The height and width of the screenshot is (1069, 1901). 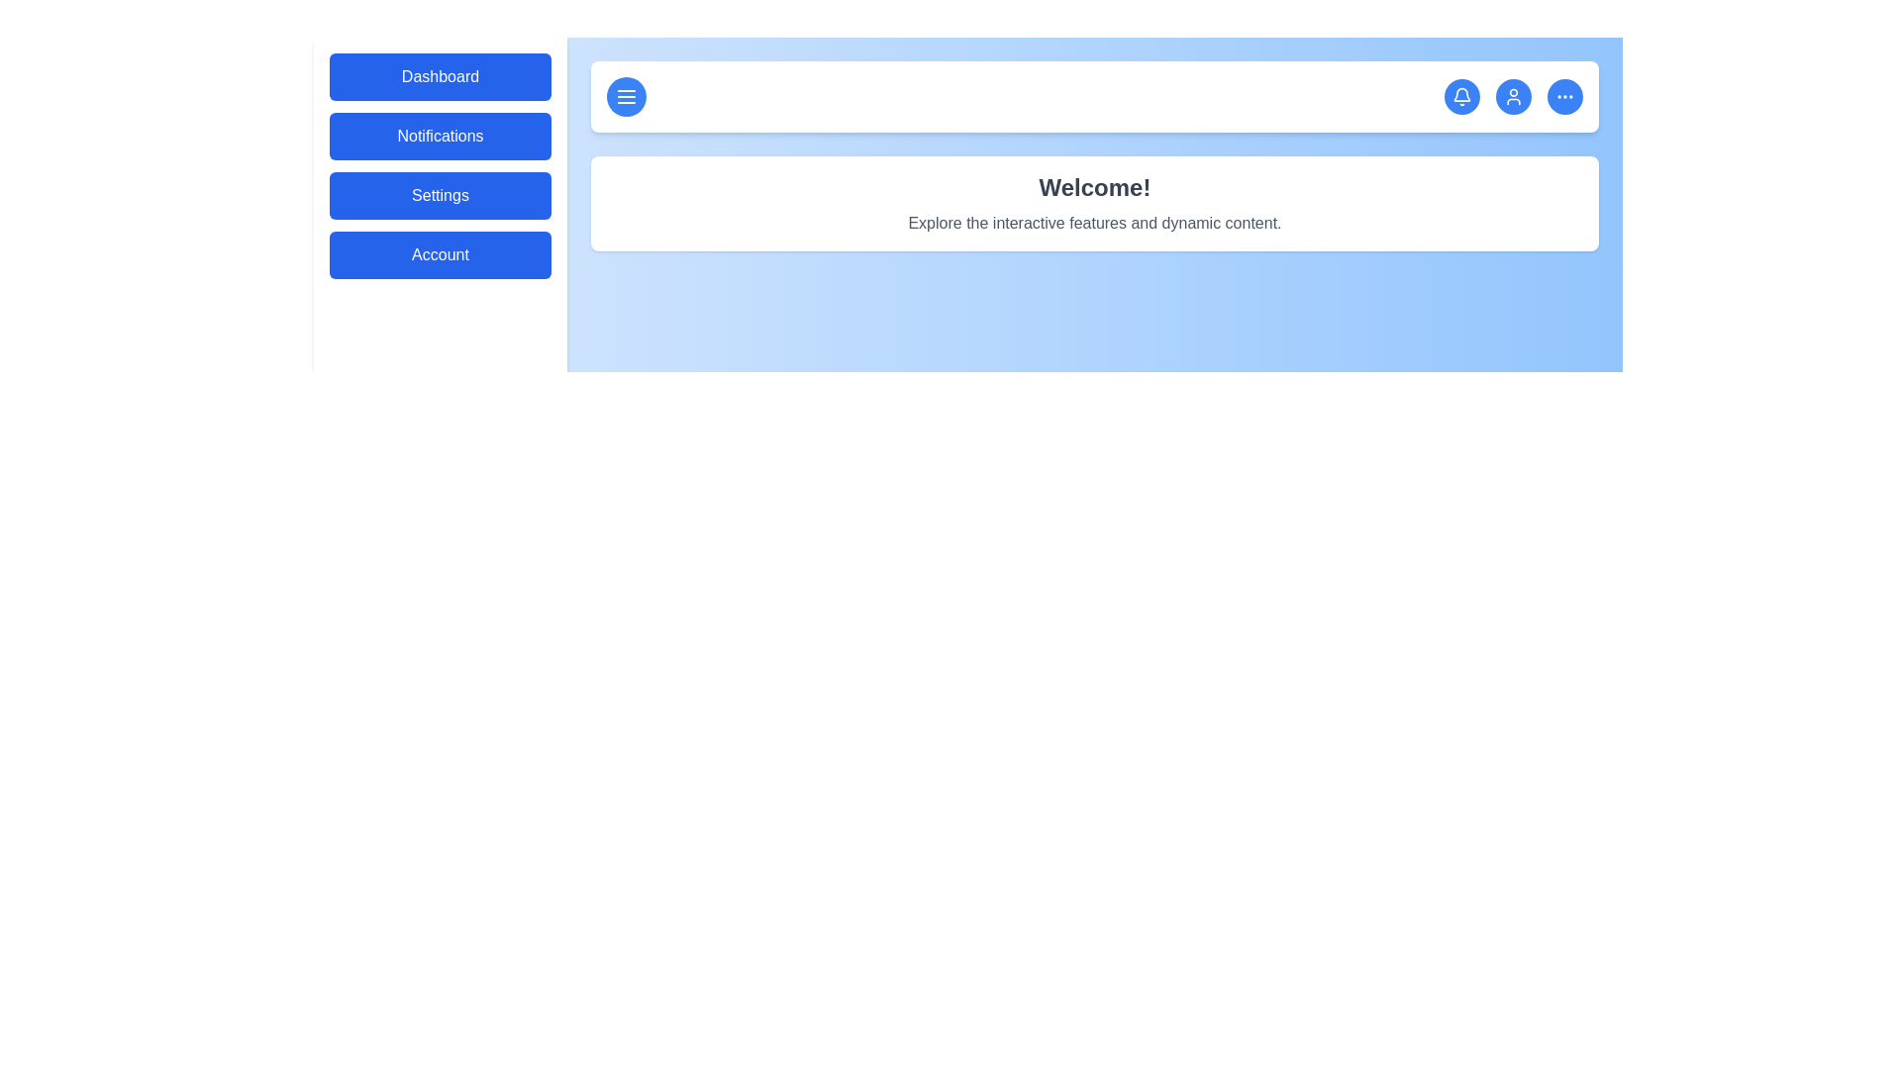 What do you see at coordinates (1563, 96) in the screenshot?
I see `the 'more options' icon in the header` at bounding box center [1563, 96].